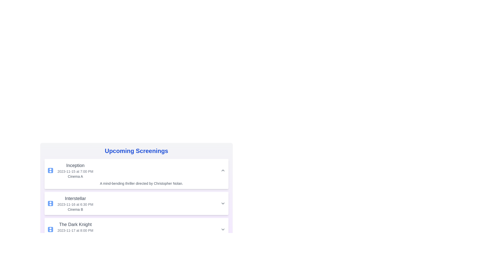  I want to click on the movie screening element for 'Interstellar', so click(70, 203).